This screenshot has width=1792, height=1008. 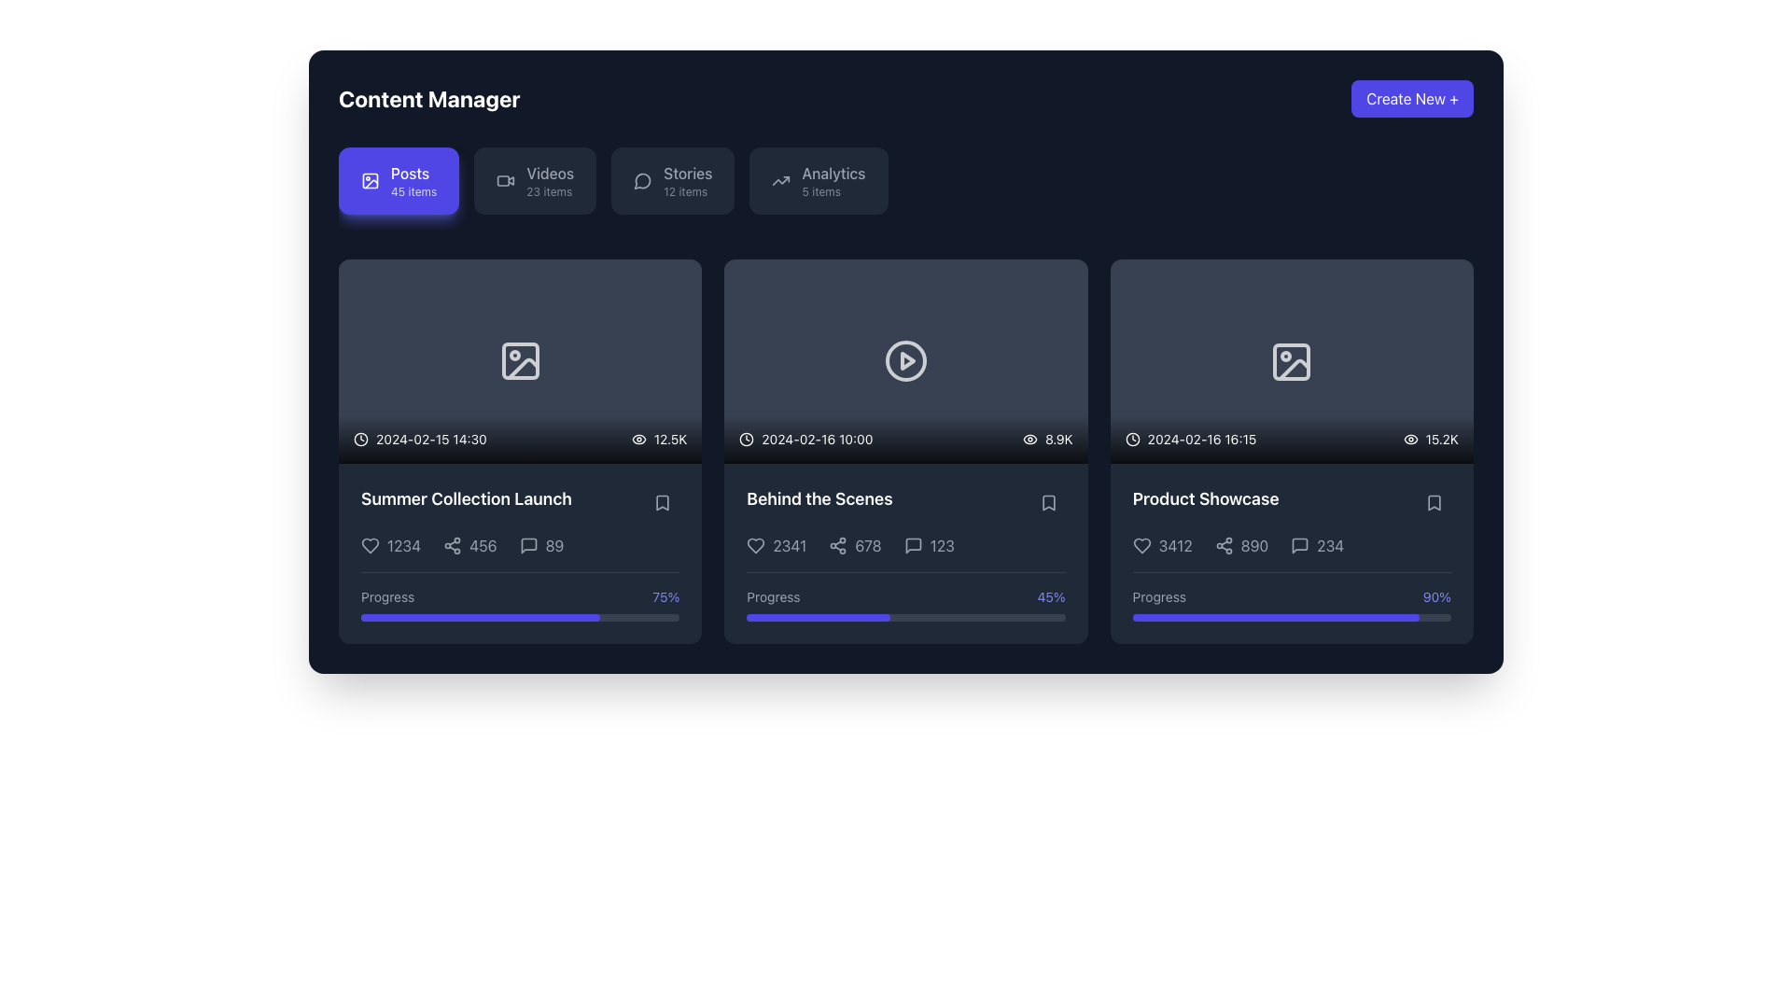 I want to click on diagonal line segment of the mountain icon located in the third card of the content manager interface using developer tools, so click(x=1294, y=369).